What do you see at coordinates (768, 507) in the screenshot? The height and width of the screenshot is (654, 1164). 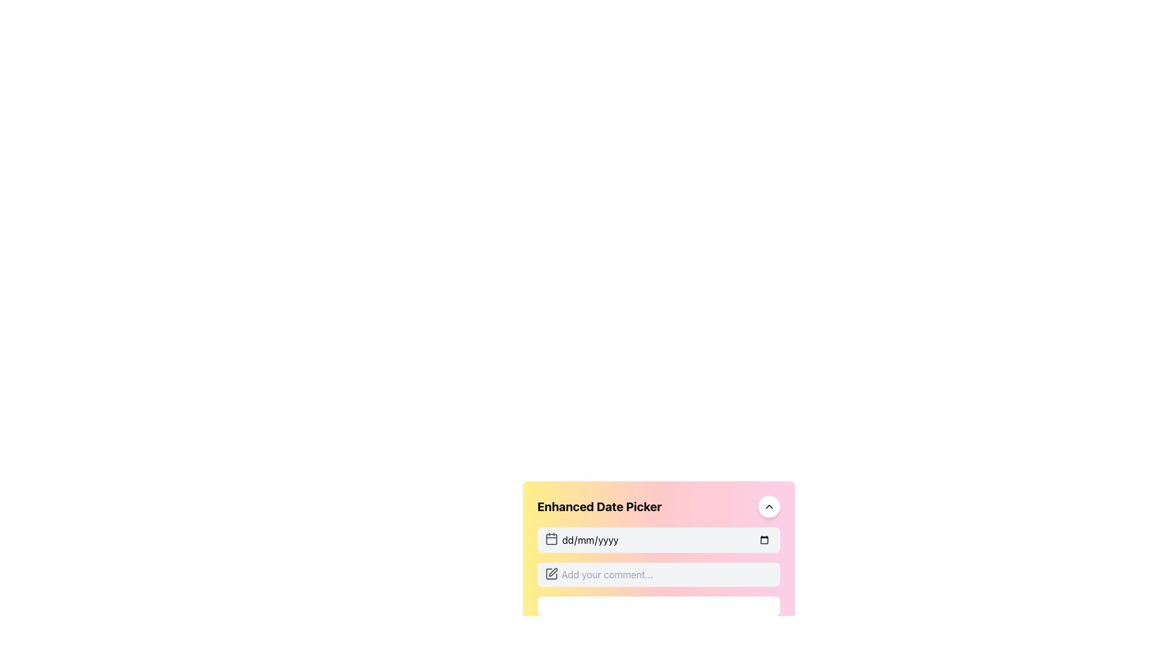 I see `the toggle button located at the rightmost end of the 'Enhanced Date Picker' header row` at bounding box center [768, 507].